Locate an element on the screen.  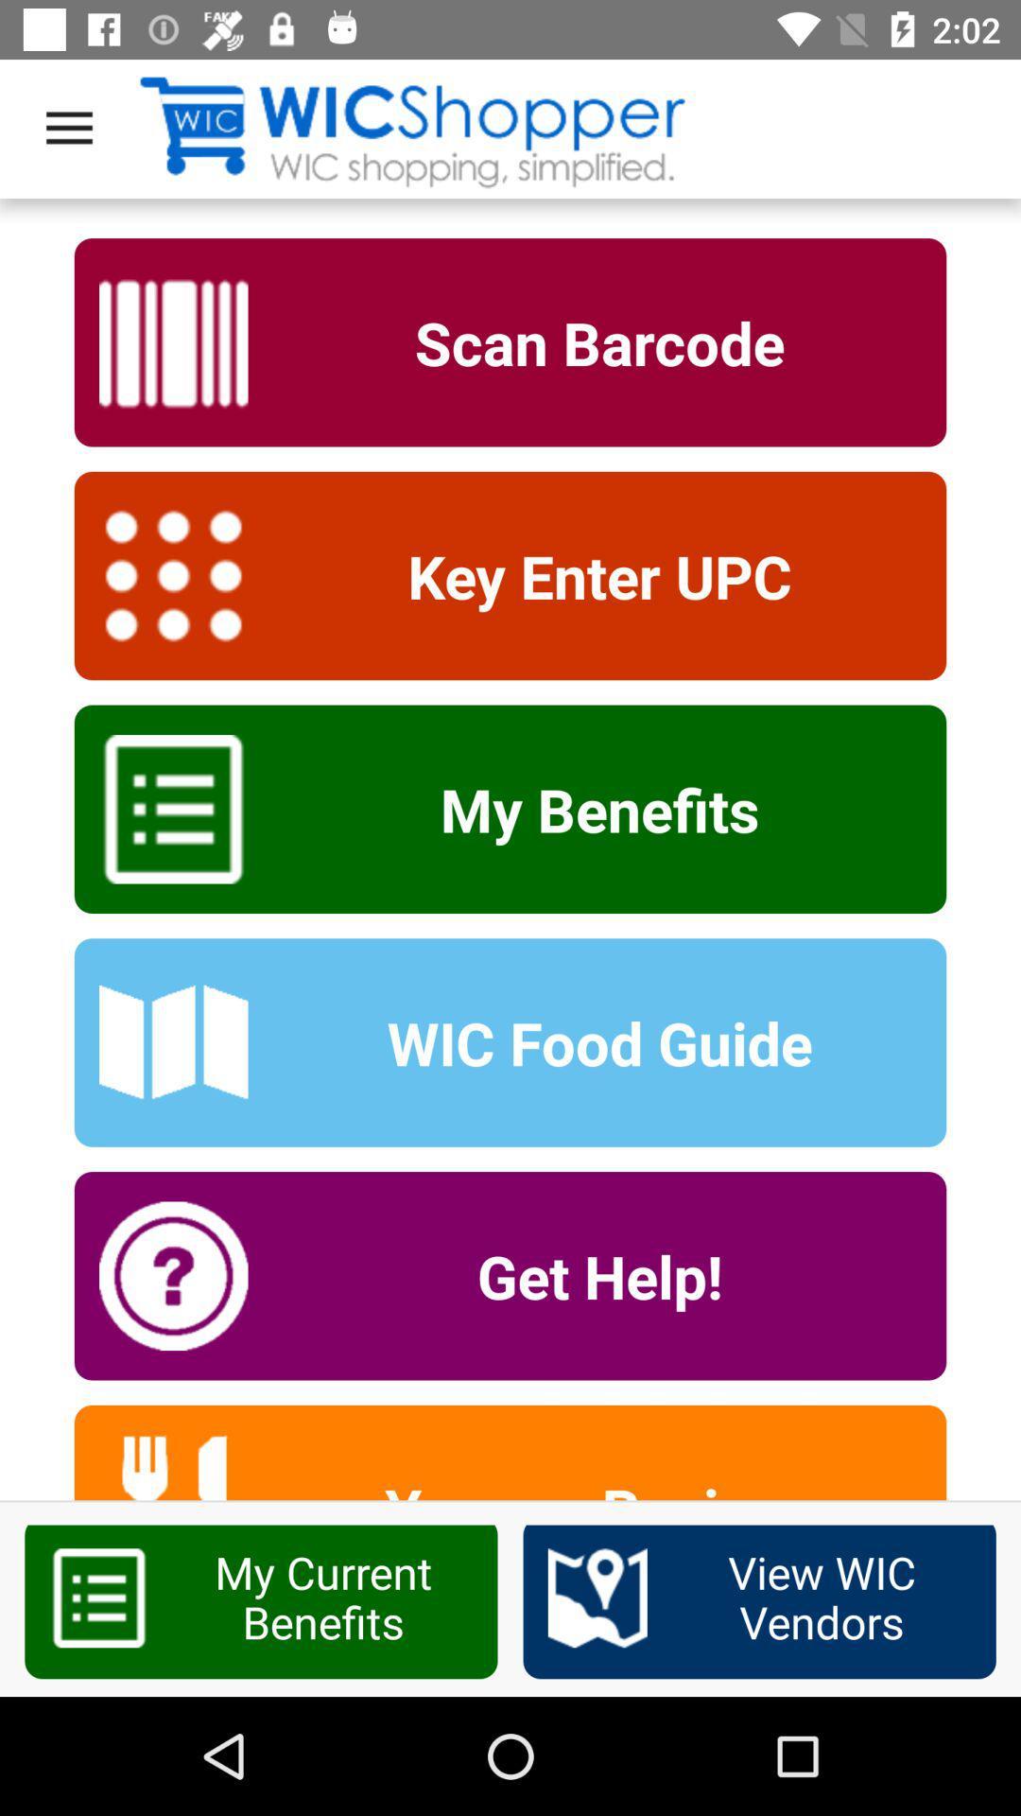
yummy recipes item is located at coordinates (586, 1484).